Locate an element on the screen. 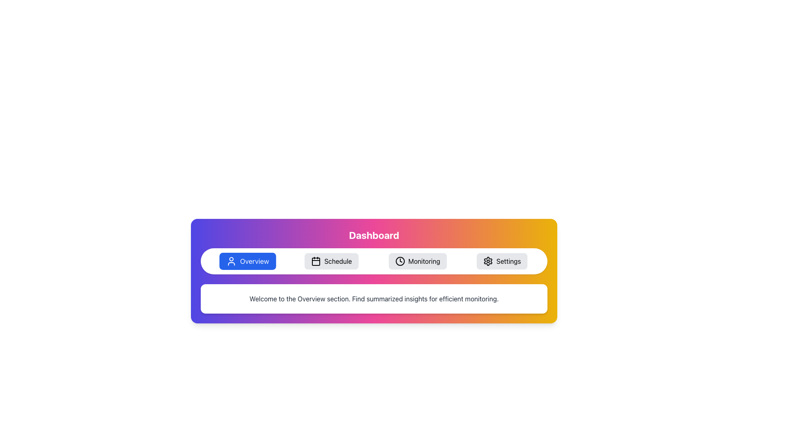 The image size is (785, 441). the third button from the left in the horizontal row of four buttons at the bottom half of the interface is located at coordinates (417, 261).